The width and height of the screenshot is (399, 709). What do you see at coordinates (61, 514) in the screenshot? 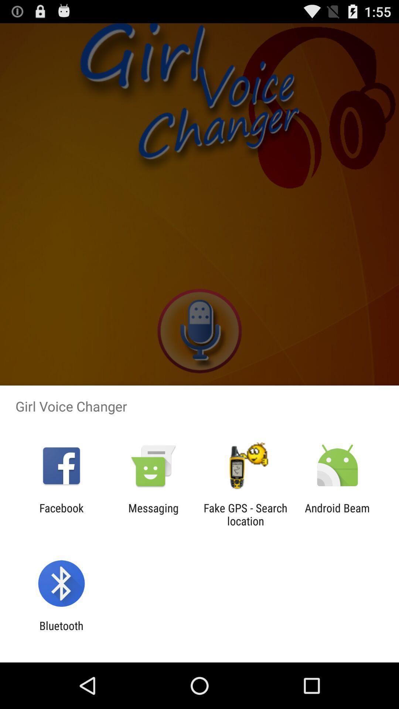
I see `facebook` at bounding box center [61, 514].